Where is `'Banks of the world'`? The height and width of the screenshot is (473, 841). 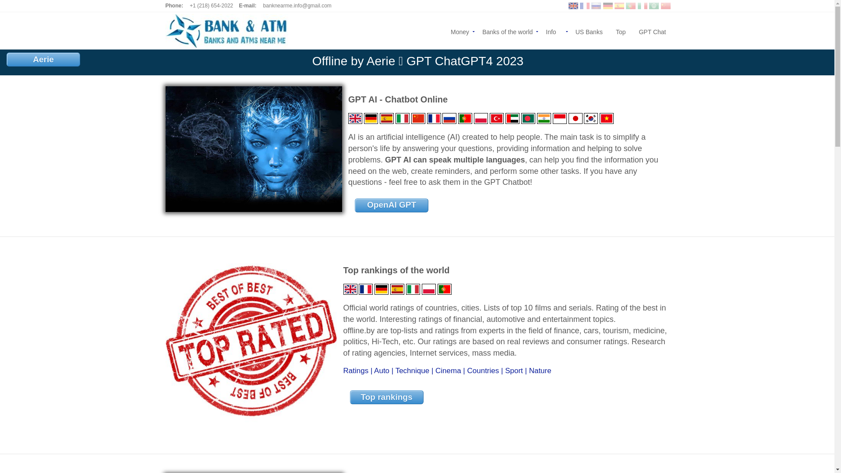
'Banks of the world' is located at coordinates (507, 30).